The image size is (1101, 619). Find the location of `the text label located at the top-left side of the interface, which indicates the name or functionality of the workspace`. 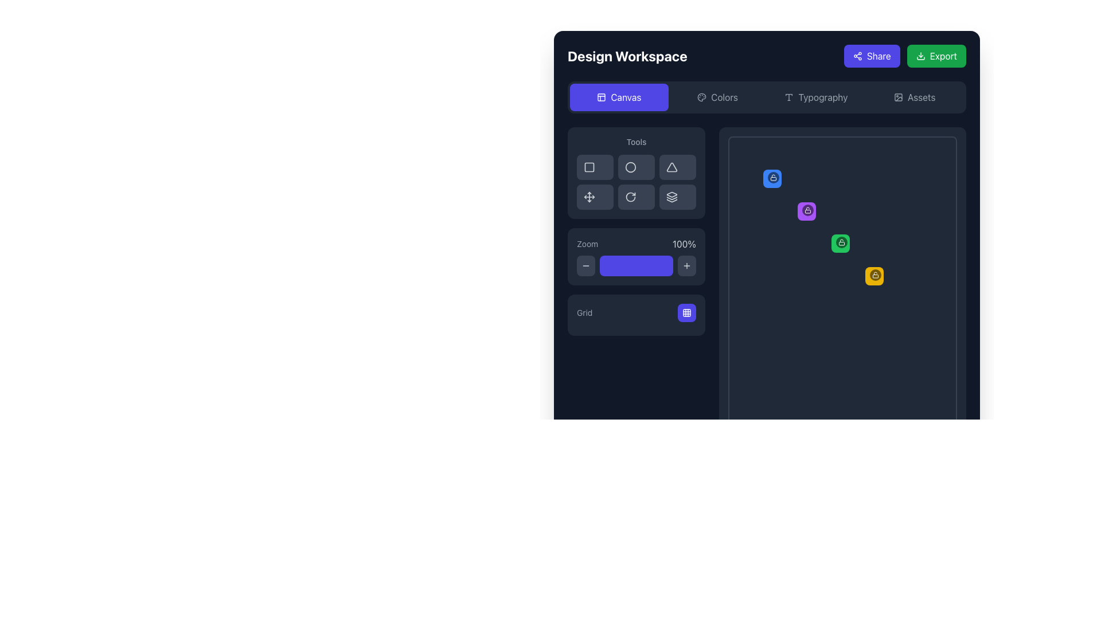

the text label located at the top-left side of the interface, which indicates the name or functionality of the workspace is located at coordinates (627, 56).